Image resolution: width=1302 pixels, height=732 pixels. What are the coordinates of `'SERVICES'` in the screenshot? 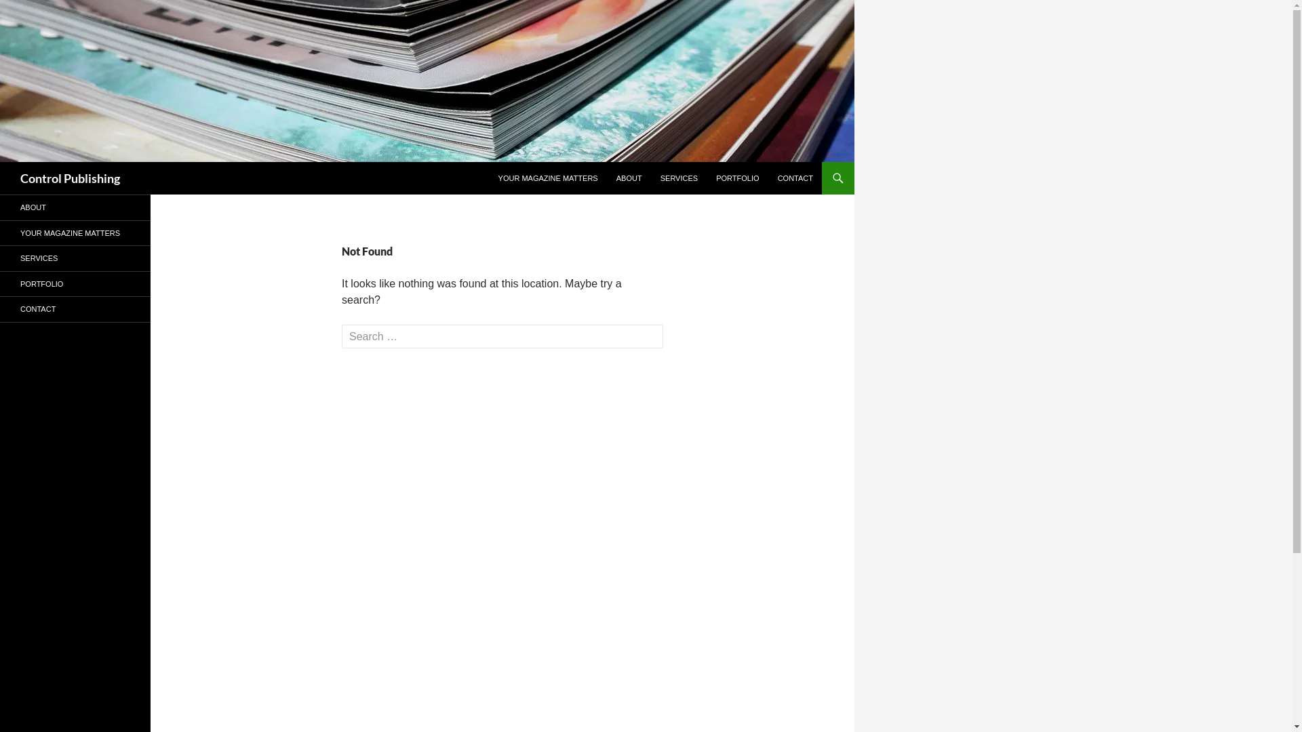 It's located at (679, 177).